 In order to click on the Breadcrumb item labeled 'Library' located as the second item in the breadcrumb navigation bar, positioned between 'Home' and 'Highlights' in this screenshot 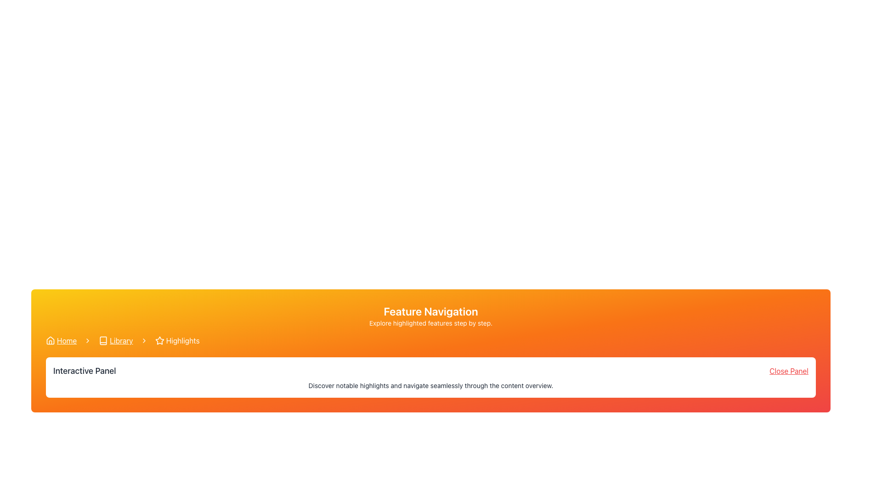, I will do `click(115, 340)`.